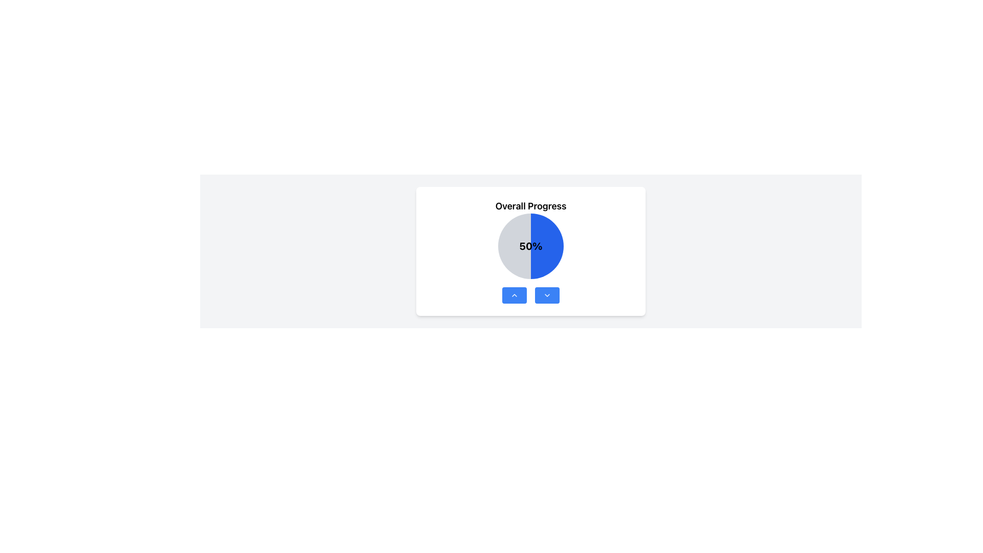 The width and height of the screenshot is (983, 553). Describe the element at coordinates (514, 295) in the screenshot. I see `the blue rectangular button with a rounded corner and a centered white upward arrow icon, located below the progress chart and to the left of a similar downward button` at that location.